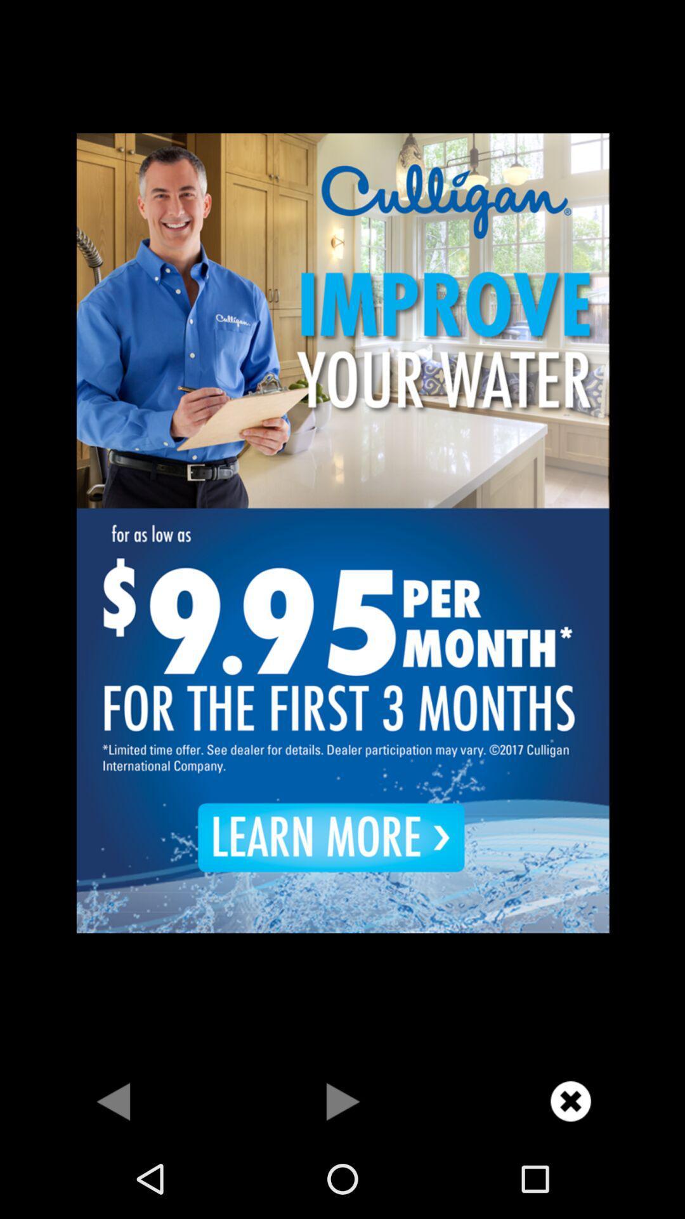 The height and width of the screenshot is (1219, 685). What do you see at coordinates (114, 1100) in the screenshot?
I see `back the page` at bounding box center [114, 1100].